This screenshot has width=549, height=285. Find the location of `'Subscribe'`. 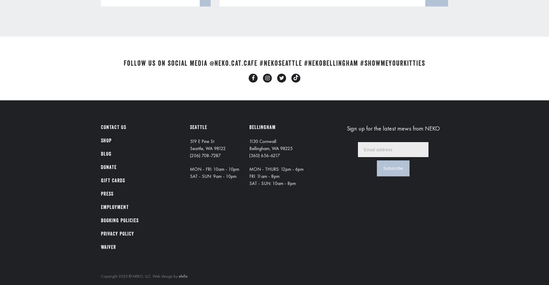

'Subscribe' is located at coordinates (393, 168).